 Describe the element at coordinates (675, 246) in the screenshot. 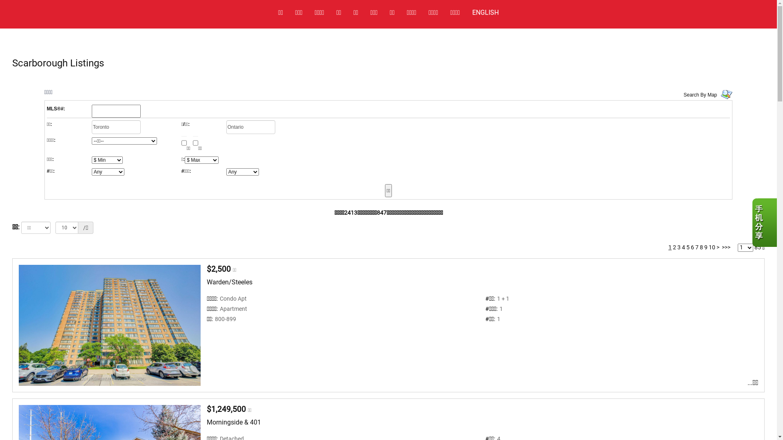

I see `'2'` at that location.